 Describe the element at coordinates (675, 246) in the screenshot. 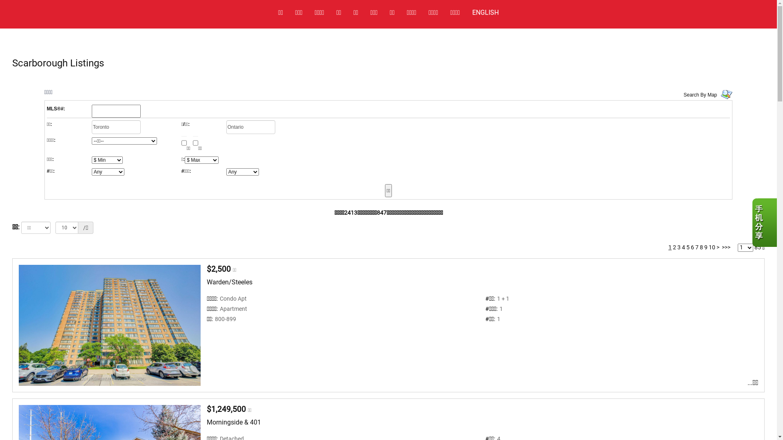

I see `'2'` at that location.